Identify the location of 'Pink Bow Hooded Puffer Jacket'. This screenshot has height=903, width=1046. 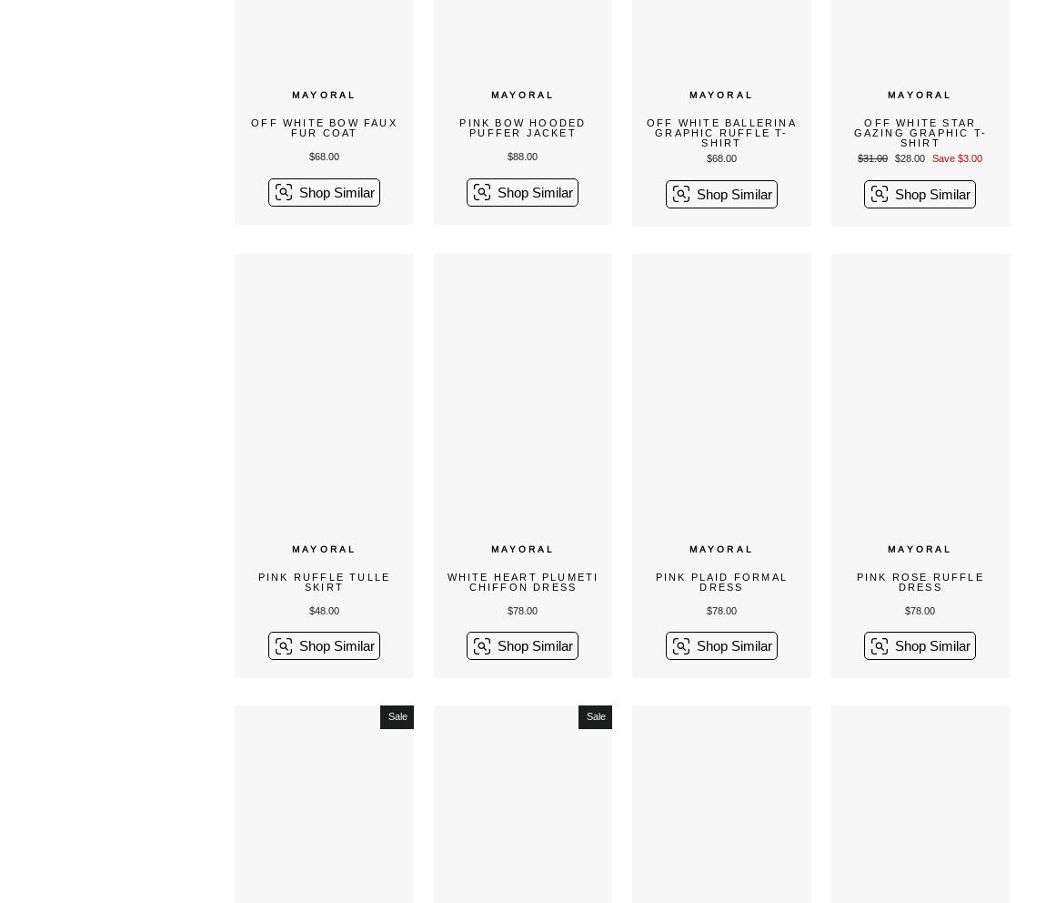
(458, 127).